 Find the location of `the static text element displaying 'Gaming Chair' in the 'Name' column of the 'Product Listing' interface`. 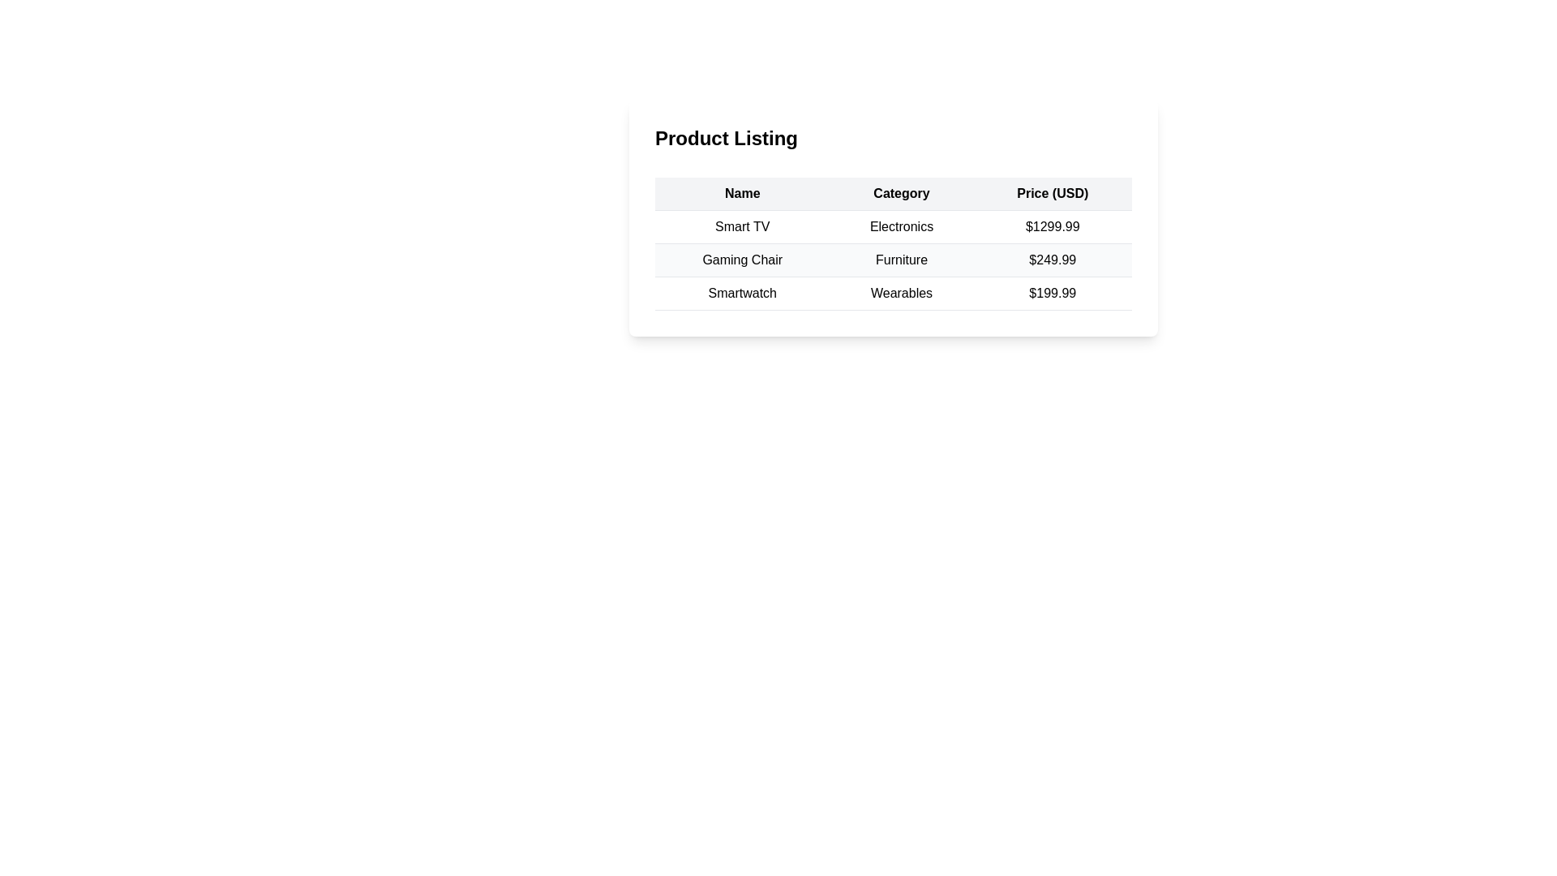

the static text element displaying 'Gaming Chair' in the 'Name' column of the 'Product Listing' interface is located at coordinates (741, 259).